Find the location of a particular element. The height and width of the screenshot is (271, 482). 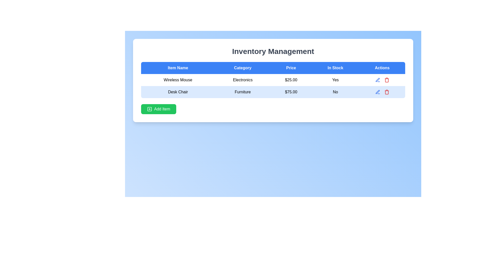

the 'Add New Item' button located at the bottom-left corner of the inventory list is located at coordinates (158, 109).